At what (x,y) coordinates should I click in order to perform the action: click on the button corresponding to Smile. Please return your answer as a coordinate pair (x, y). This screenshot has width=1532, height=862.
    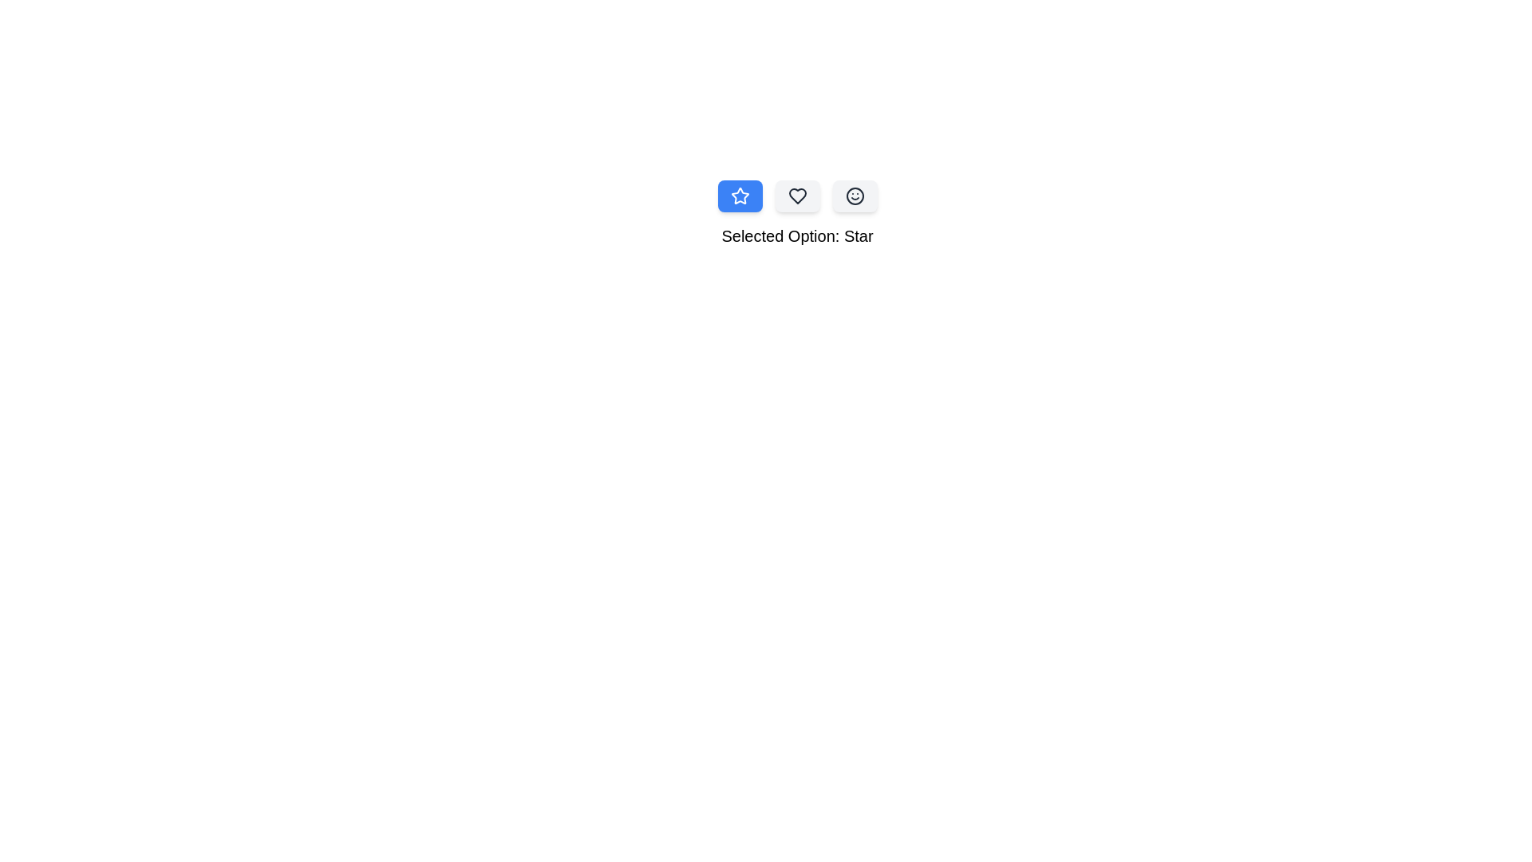
    Looking at the image, I should click on (854, 196).